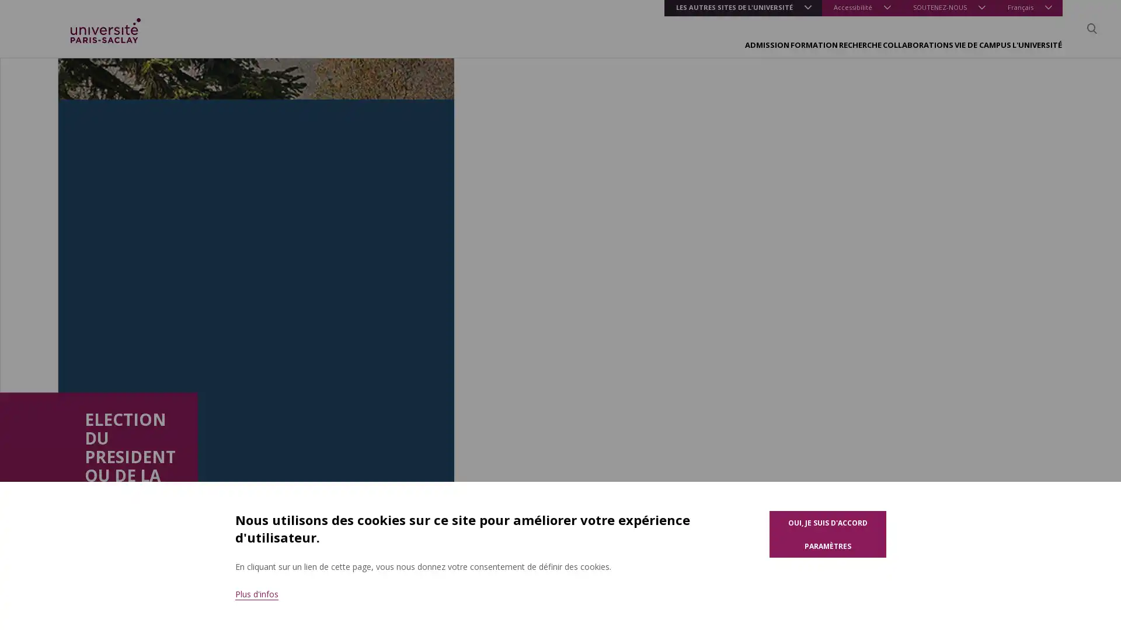 The width and height of the screenshot is (1121, 630). Describe the element at coordinates (832, 40) in the screenshot. I see `COLLABORATIONS` at that location.